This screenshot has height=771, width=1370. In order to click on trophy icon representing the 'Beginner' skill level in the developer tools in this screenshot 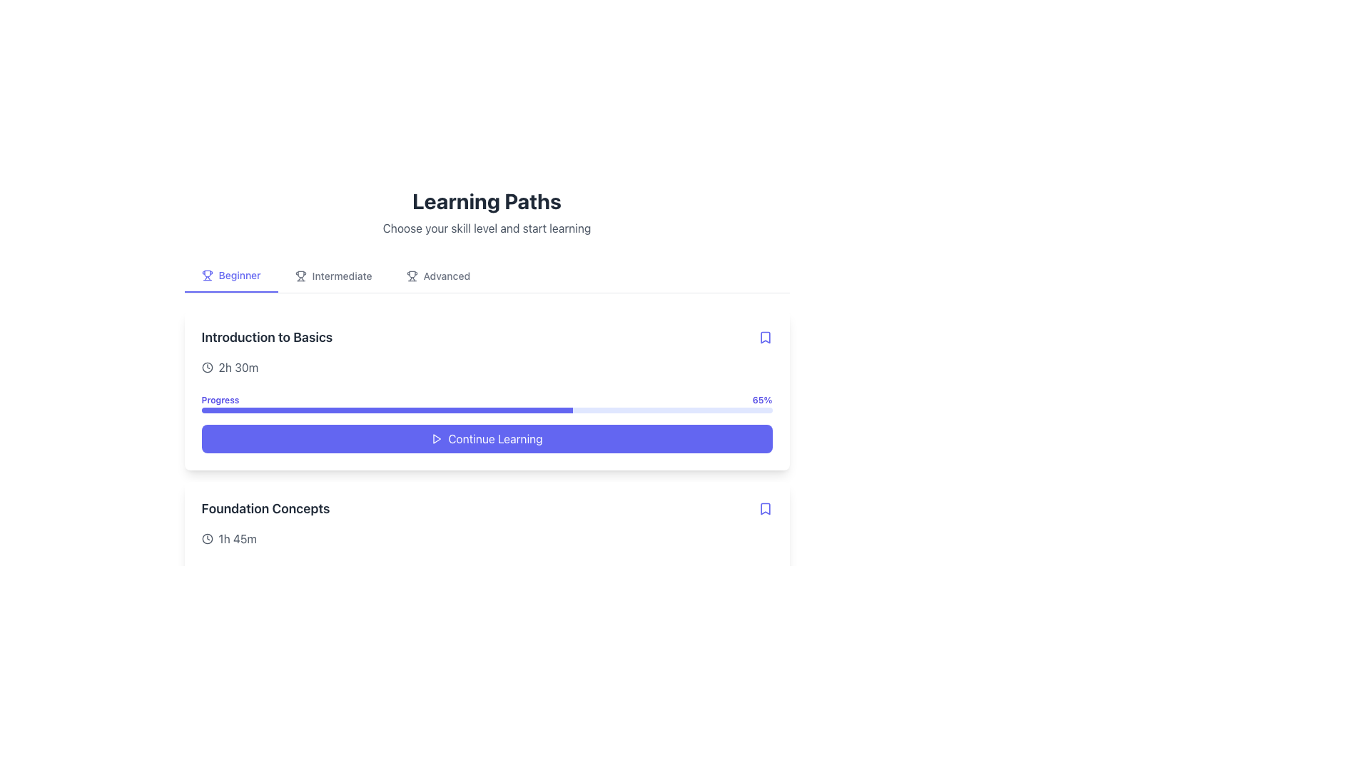, I will do `click(206, 273)`.